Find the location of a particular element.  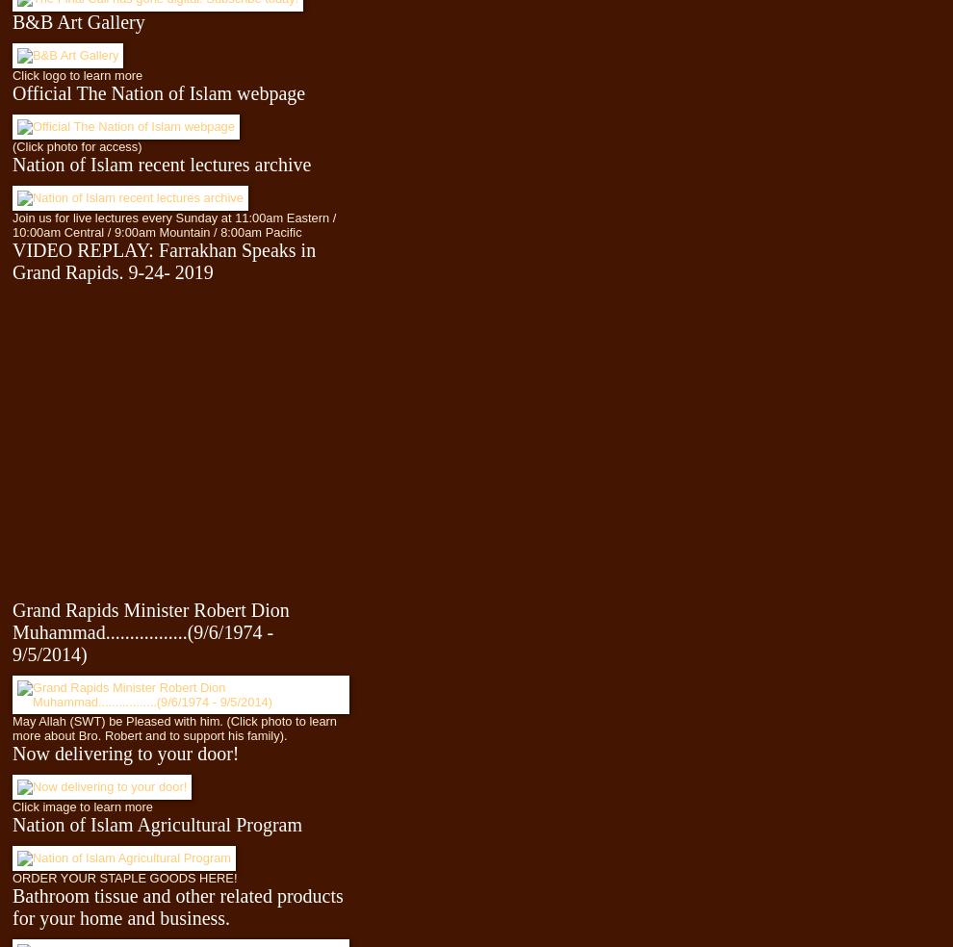

'Official The Nation of Islam webpage' is located at coordinates (159, 91).